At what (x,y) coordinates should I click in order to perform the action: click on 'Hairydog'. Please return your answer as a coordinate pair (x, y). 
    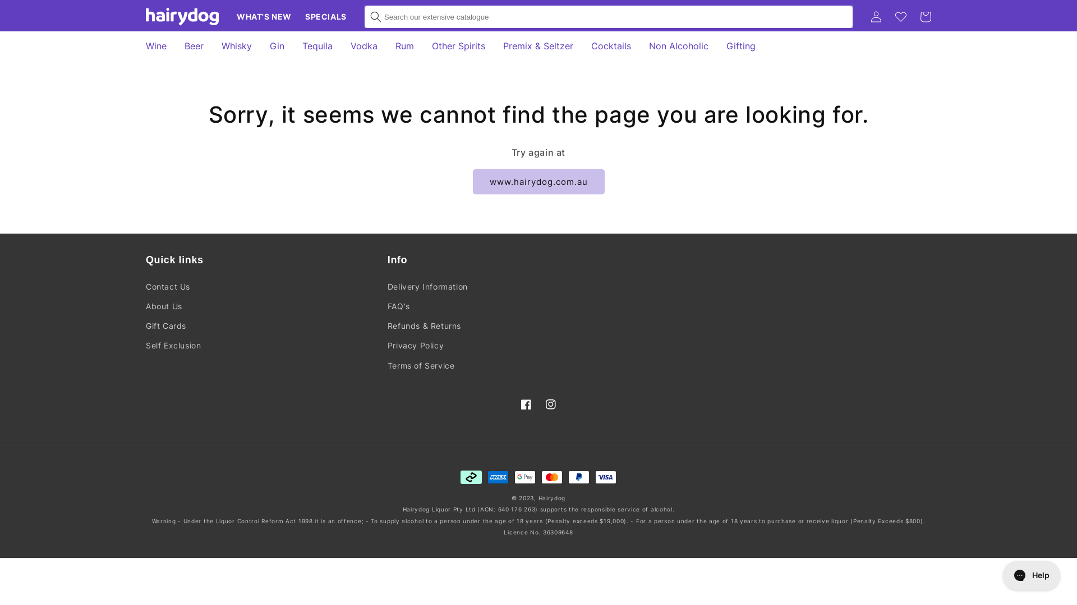
    Looking at the image, I should click on (552, 497).